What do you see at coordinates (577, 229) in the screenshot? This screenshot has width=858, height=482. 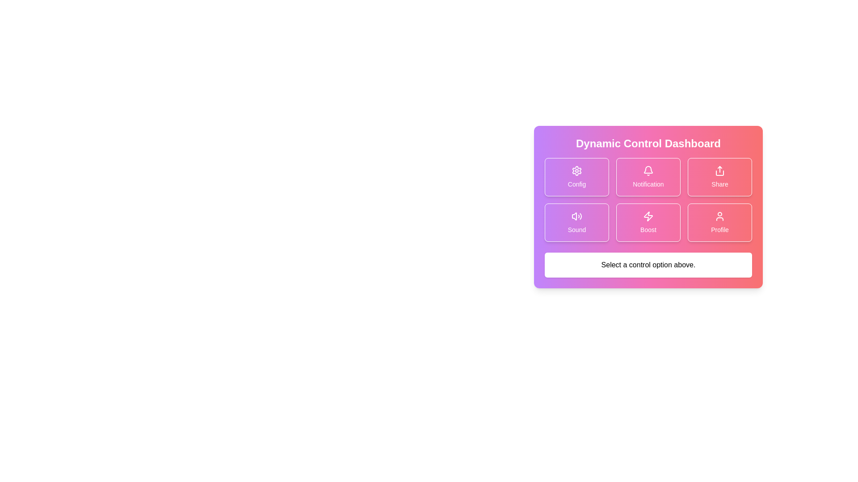 I see `the text label that describes the volume control button, which is centrally aligned below the volume icon in the bottom-left position of the control button grid` at bounding box center [577, 229].